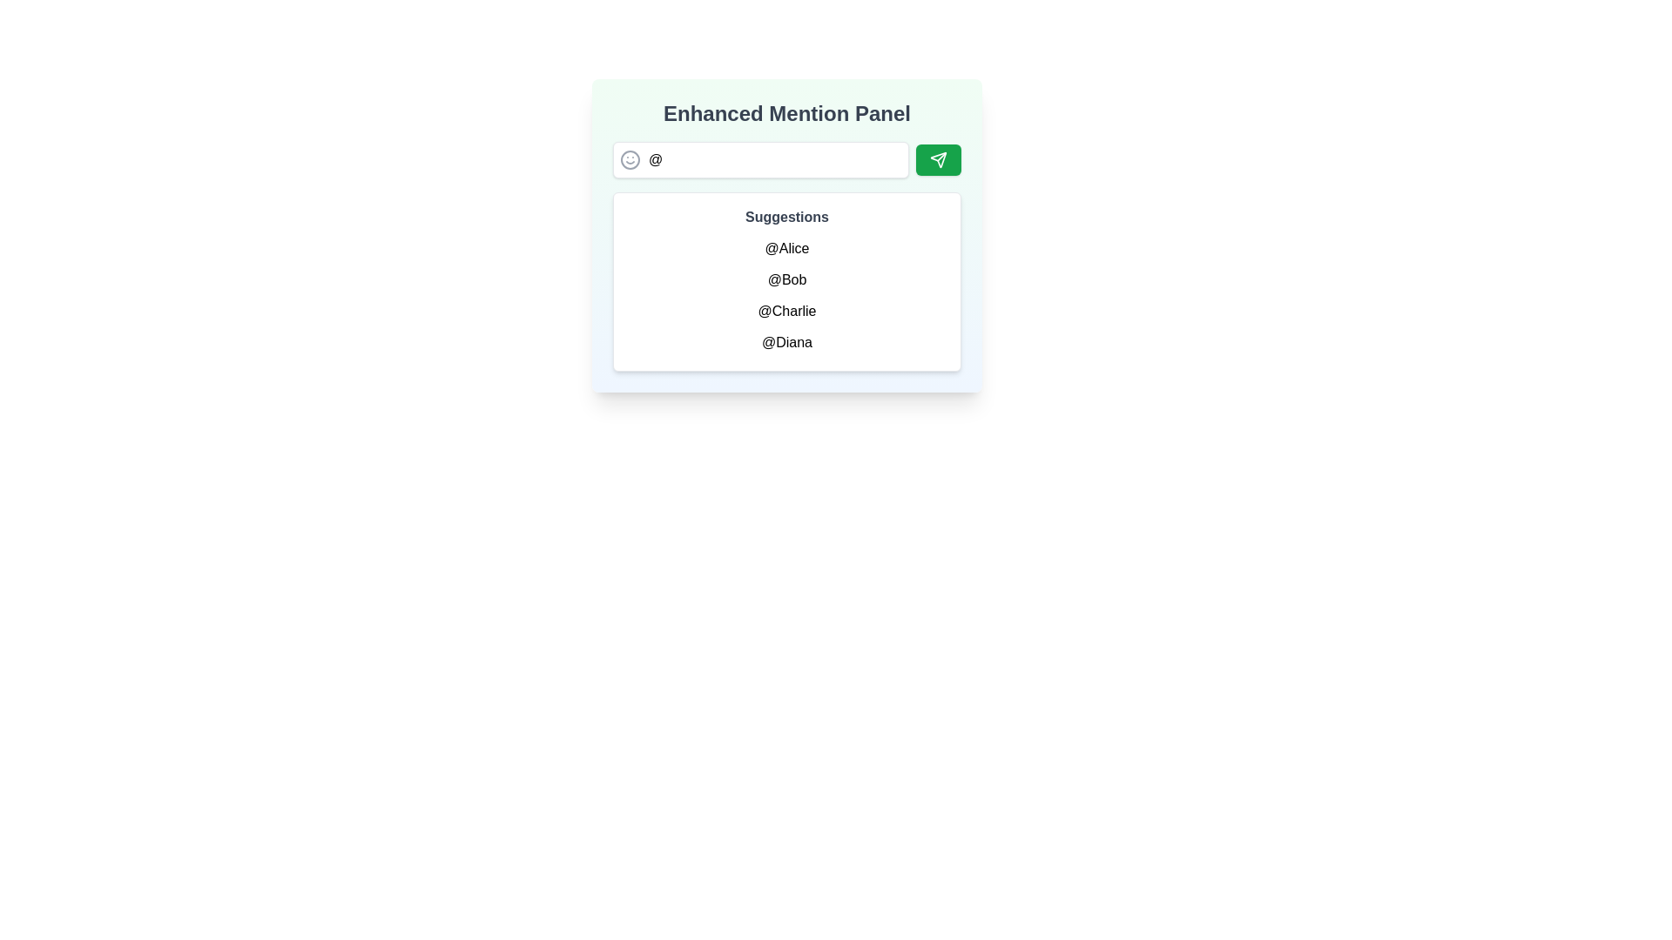 The image size is (1672, 940). Describe the element at coordinates (785, 294) in the screenshot. I see `the username '@Bob' from the list of clickable text items displayed in the Suggestions panel, which is located within the Enhanced Mention Panel` at that location.